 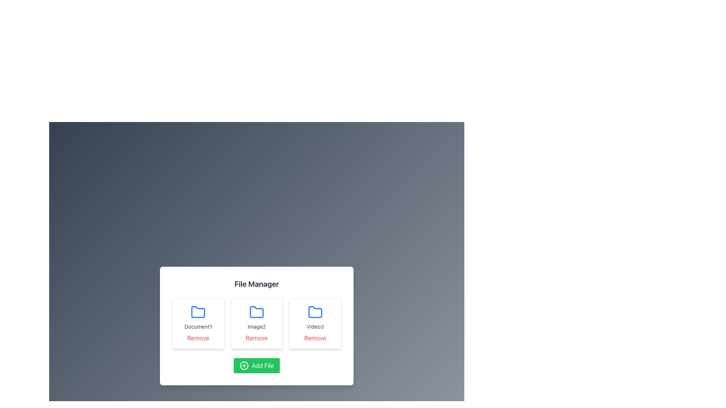 What do you see at coordinates (256, 326) in the screenshot?
I see `the 'Remove' link on the second File entry card in the File Manager interface` at bounding box center [256, 326].